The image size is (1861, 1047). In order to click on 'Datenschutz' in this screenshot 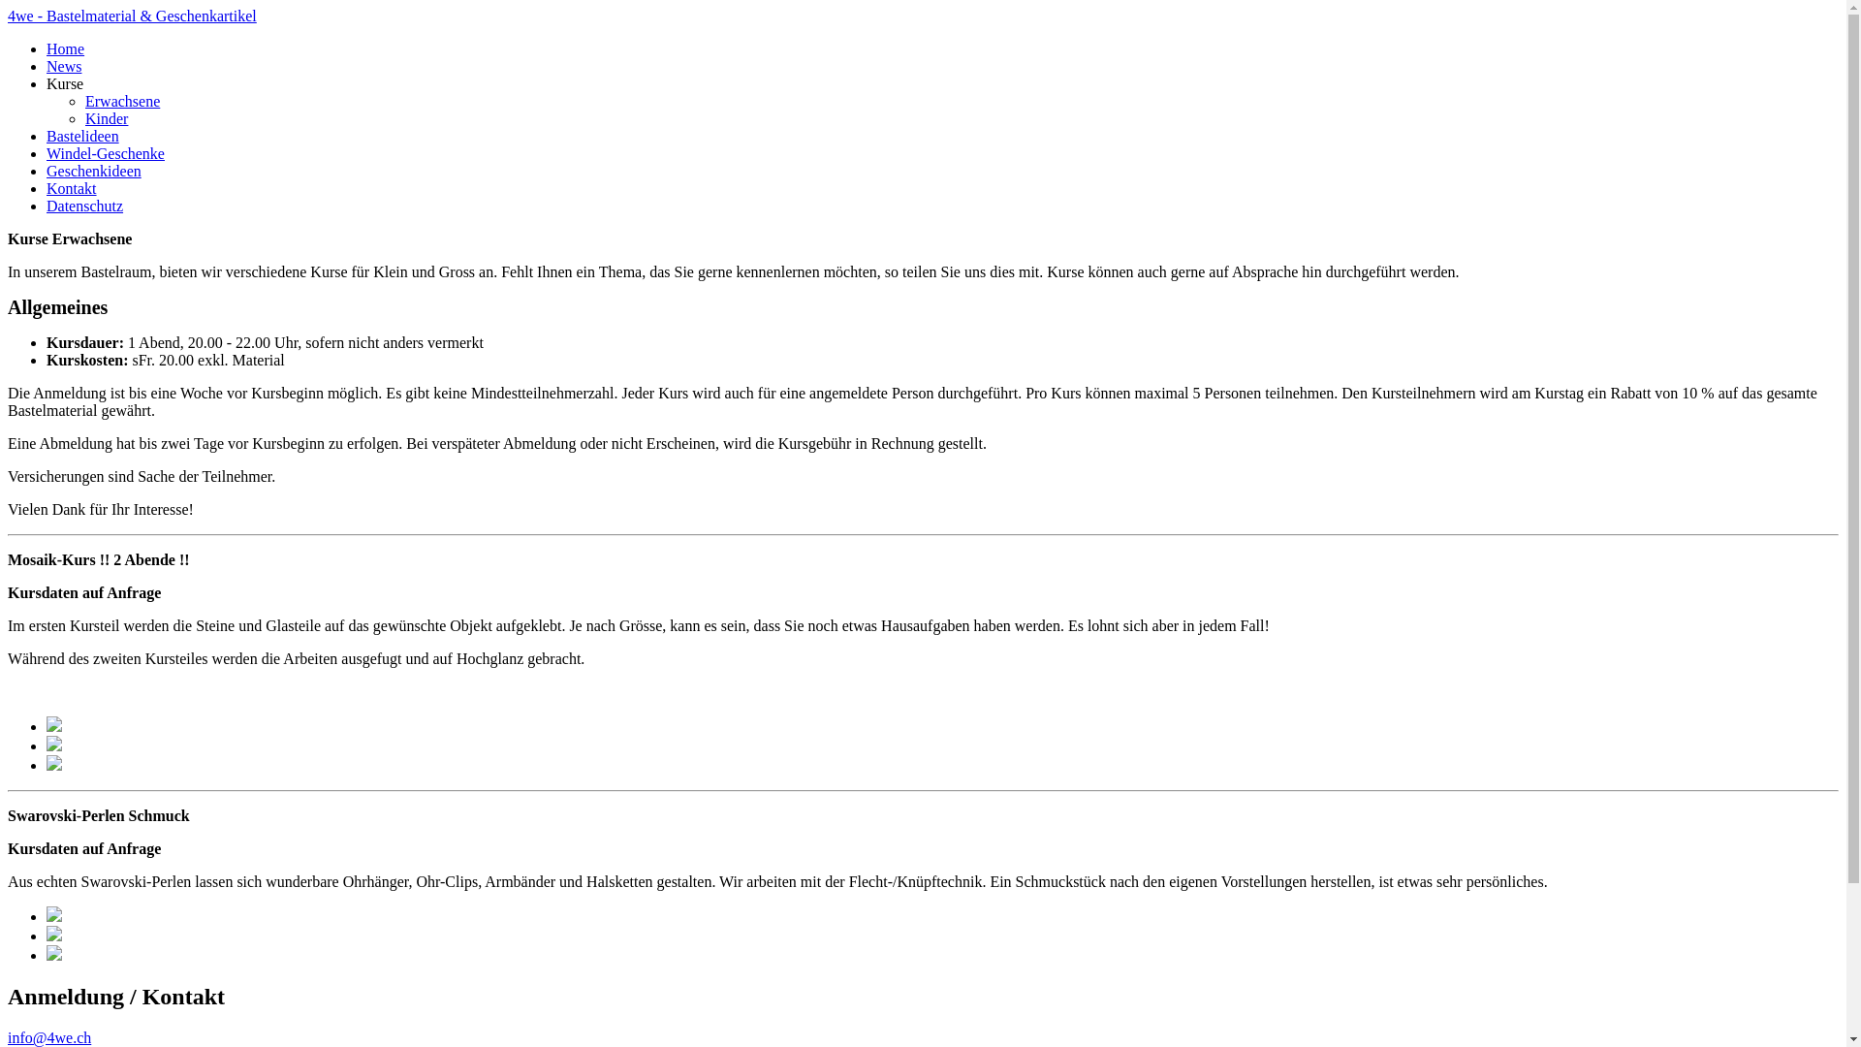, I will do `click(83, 206)`.